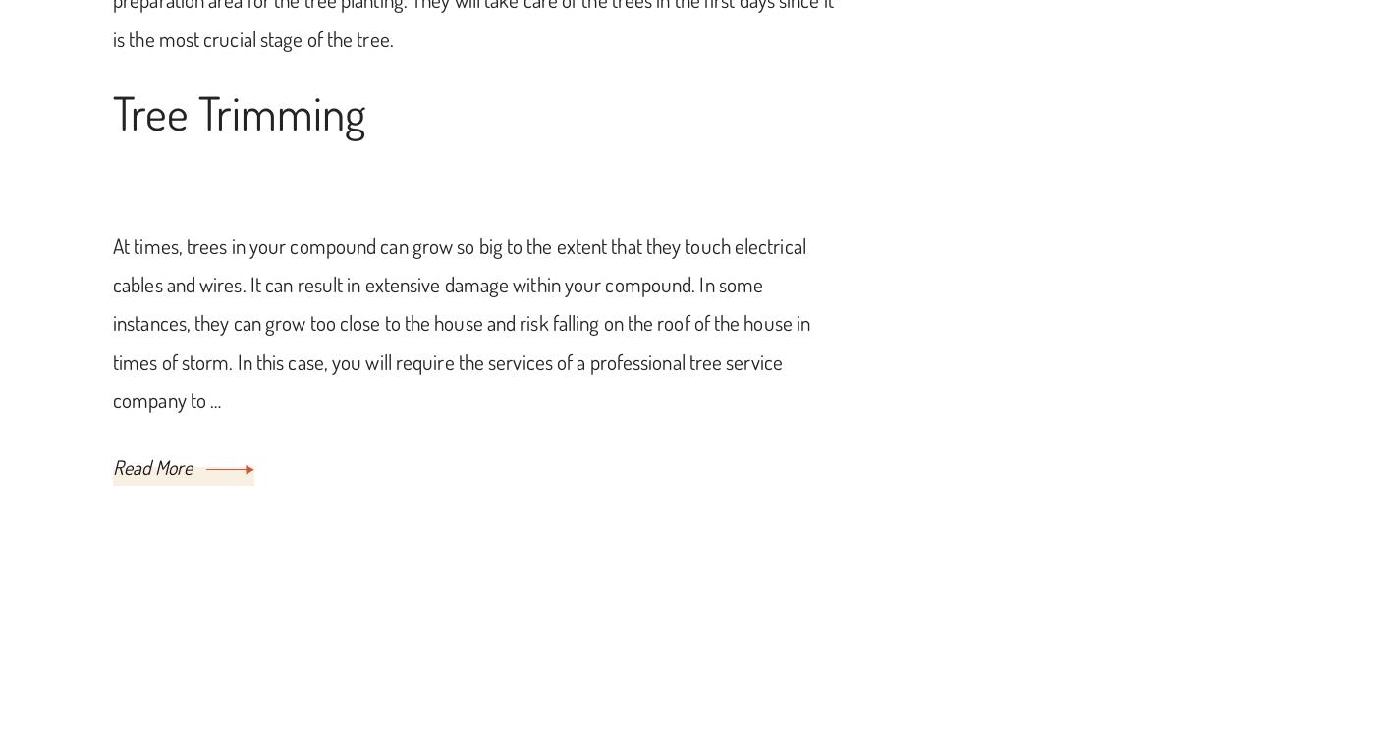 This screenshot has height=734, width=1375. Describe the element at coordinates (891, 696) in the screenshot. I see `'Blossom Themes'` at that location.